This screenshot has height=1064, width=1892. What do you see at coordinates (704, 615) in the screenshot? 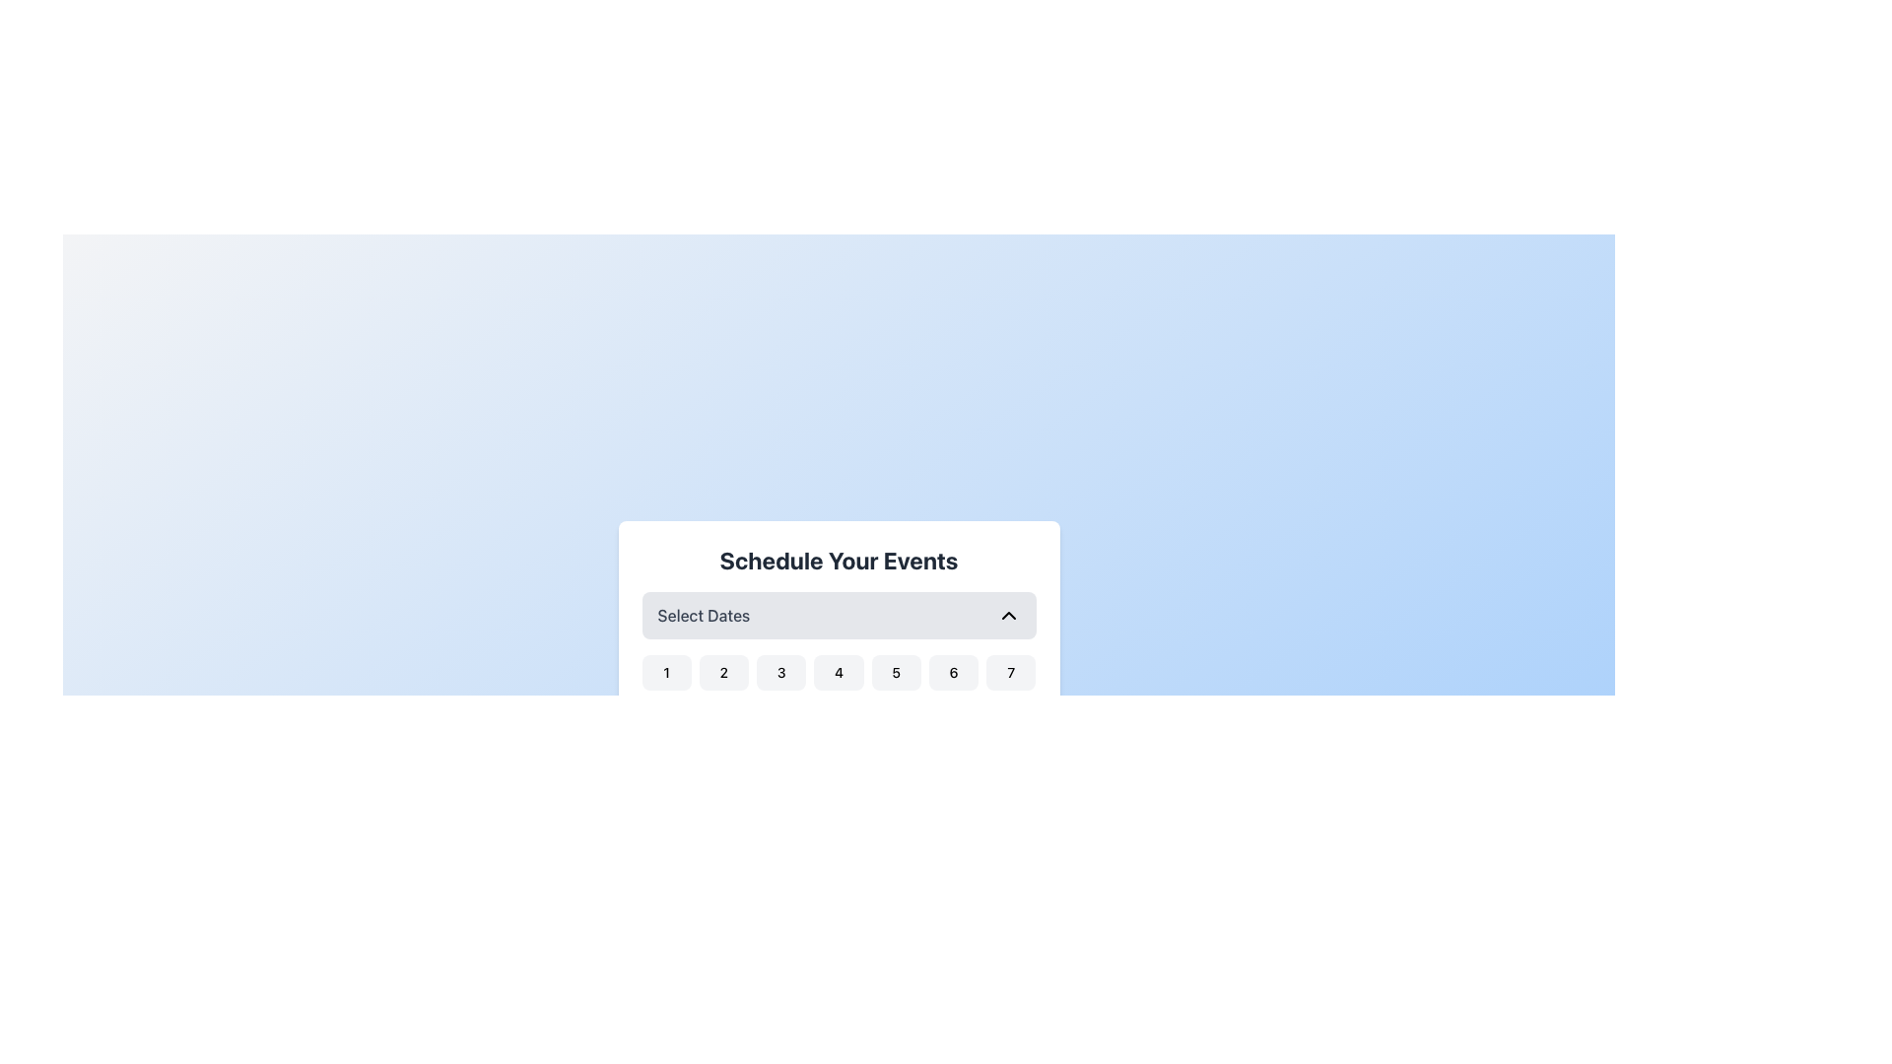
I see `the 'Select Dates' static text label, which is styled with a medium gray font and is positioned in a clickable area within a scheduling interface` at bounding box center [704, 615].